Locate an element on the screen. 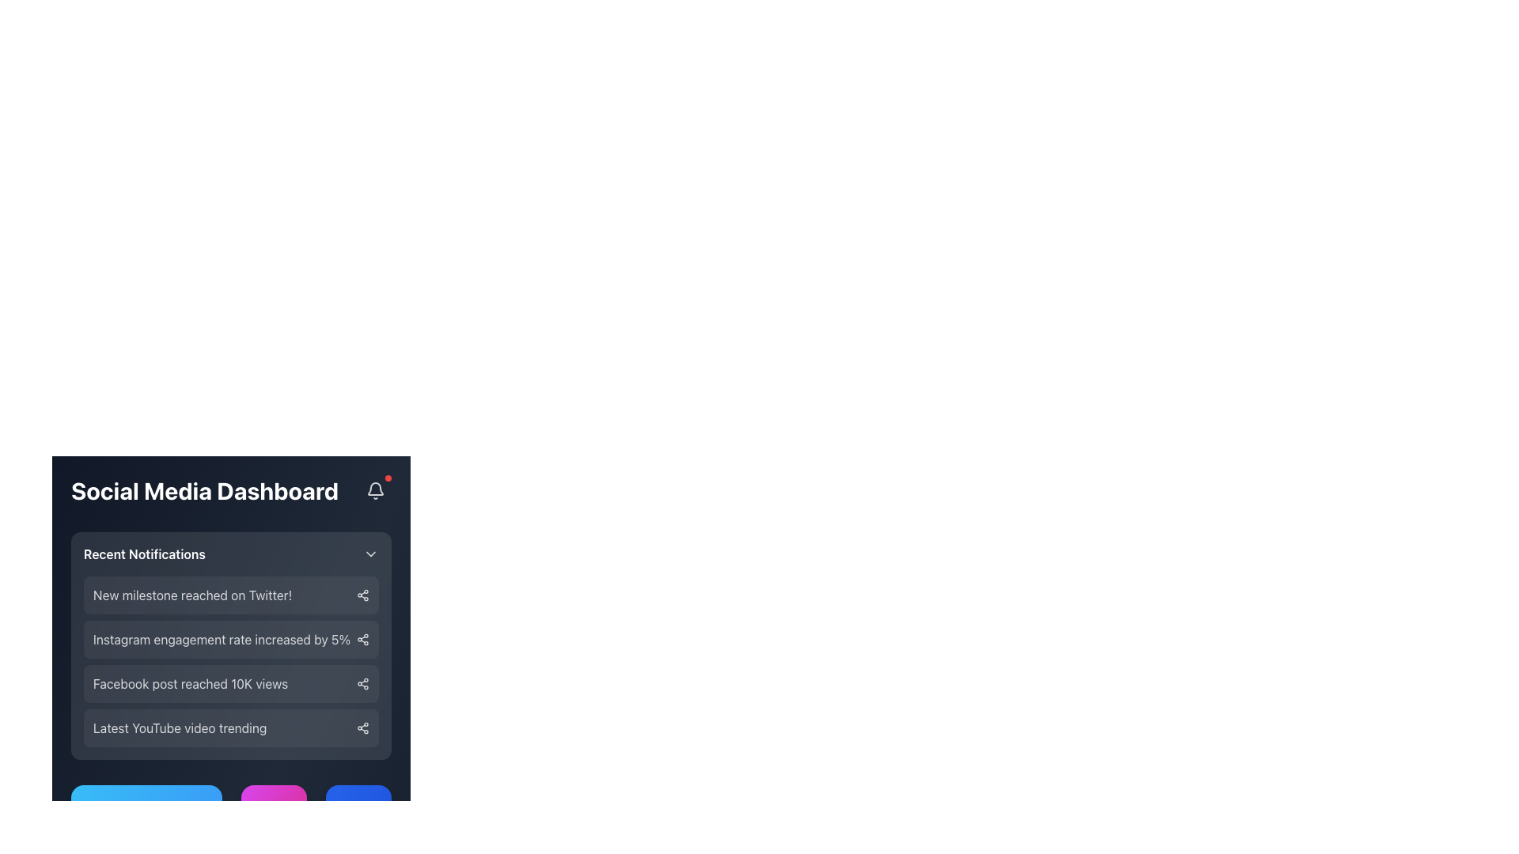 The height and width of the screenshot is (854, 1519). the second item in the vertical list of notifications, which displays information about a social media metric is located at coordinates (221, 639).